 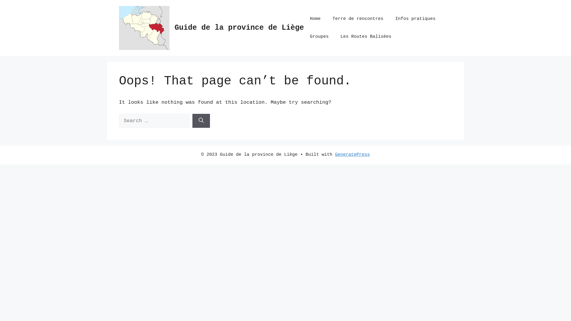 I want to click on 'Home', so click(x=315, y=19).